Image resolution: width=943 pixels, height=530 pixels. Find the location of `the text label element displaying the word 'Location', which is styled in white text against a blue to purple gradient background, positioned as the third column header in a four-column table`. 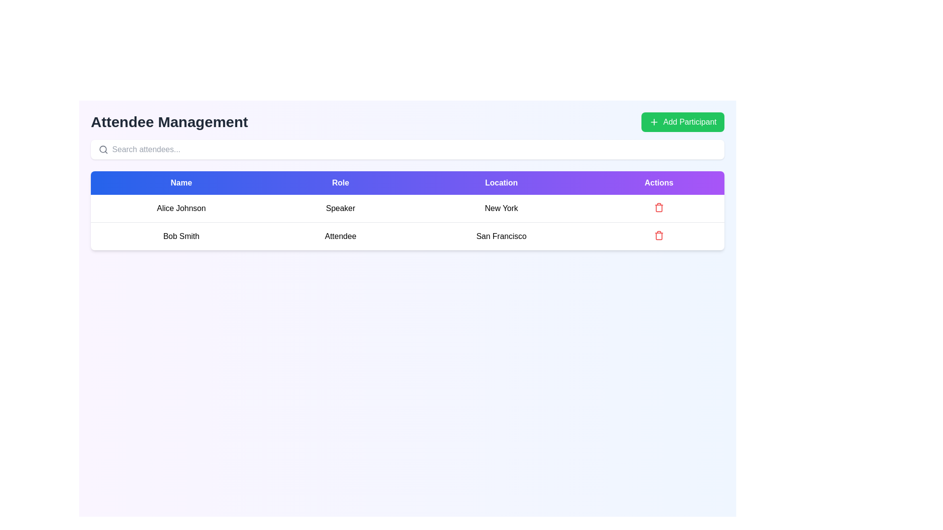

the text label element displaying the word 'Location', which is styled in white text against a blue to purple gradient background, positioned as the third column header in a four-column table is located at coordinates (501, 183).